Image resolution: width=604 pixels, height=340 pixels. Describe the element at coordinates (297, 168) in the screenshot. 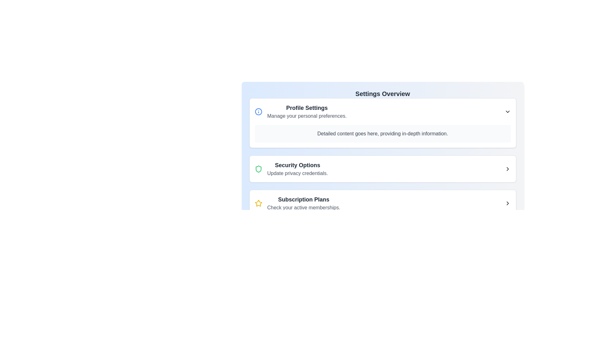

I see `the header and description pair for the 'Security Options' section located centrally in the card under 'Settings Overview'` at that location.